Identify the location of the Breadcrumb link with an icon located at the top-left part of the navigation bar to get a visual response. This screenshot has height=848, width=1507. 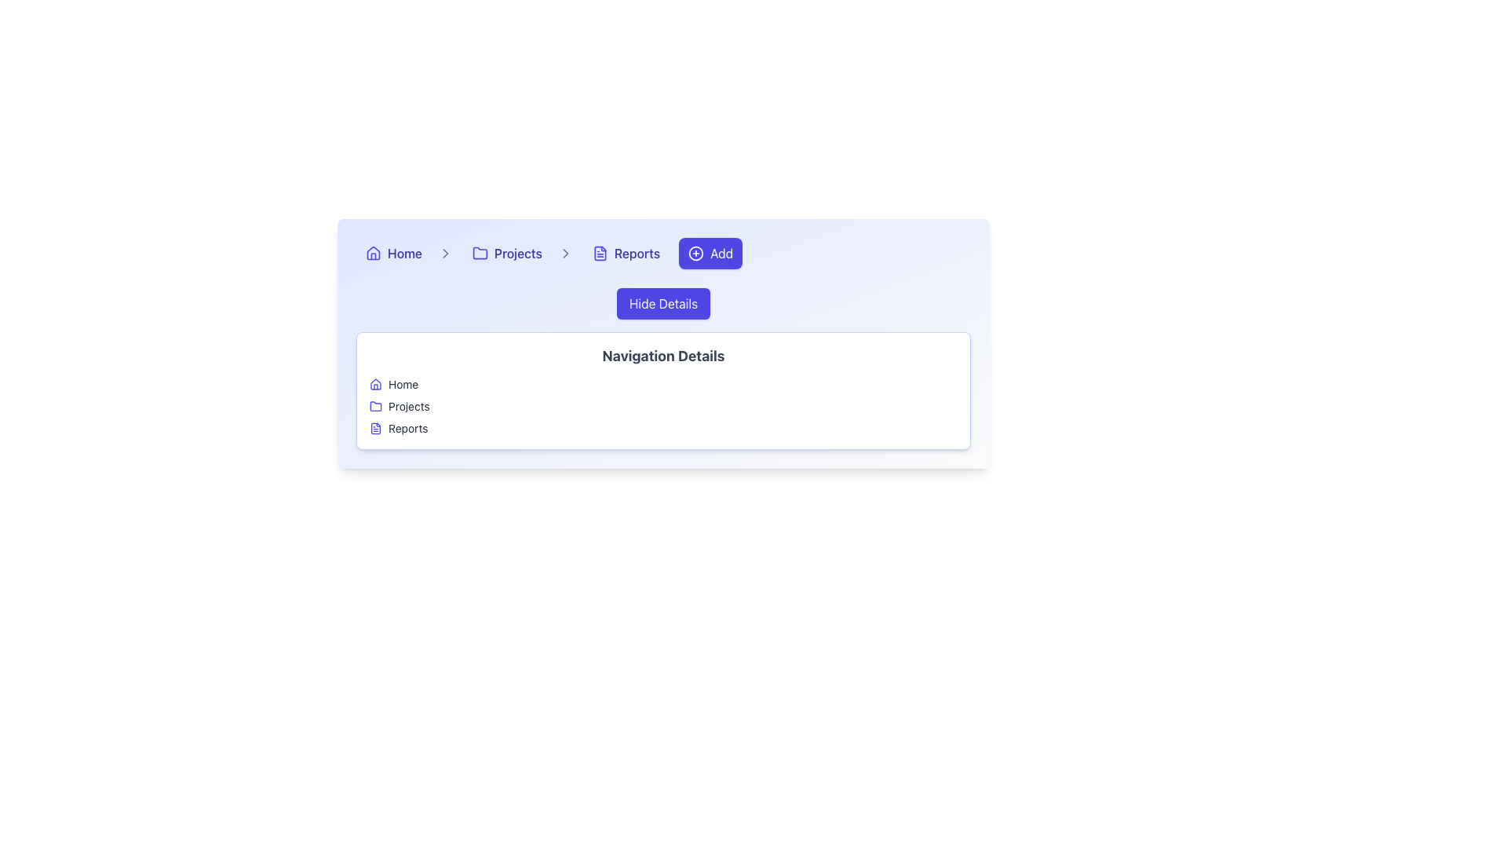
(394, 253).